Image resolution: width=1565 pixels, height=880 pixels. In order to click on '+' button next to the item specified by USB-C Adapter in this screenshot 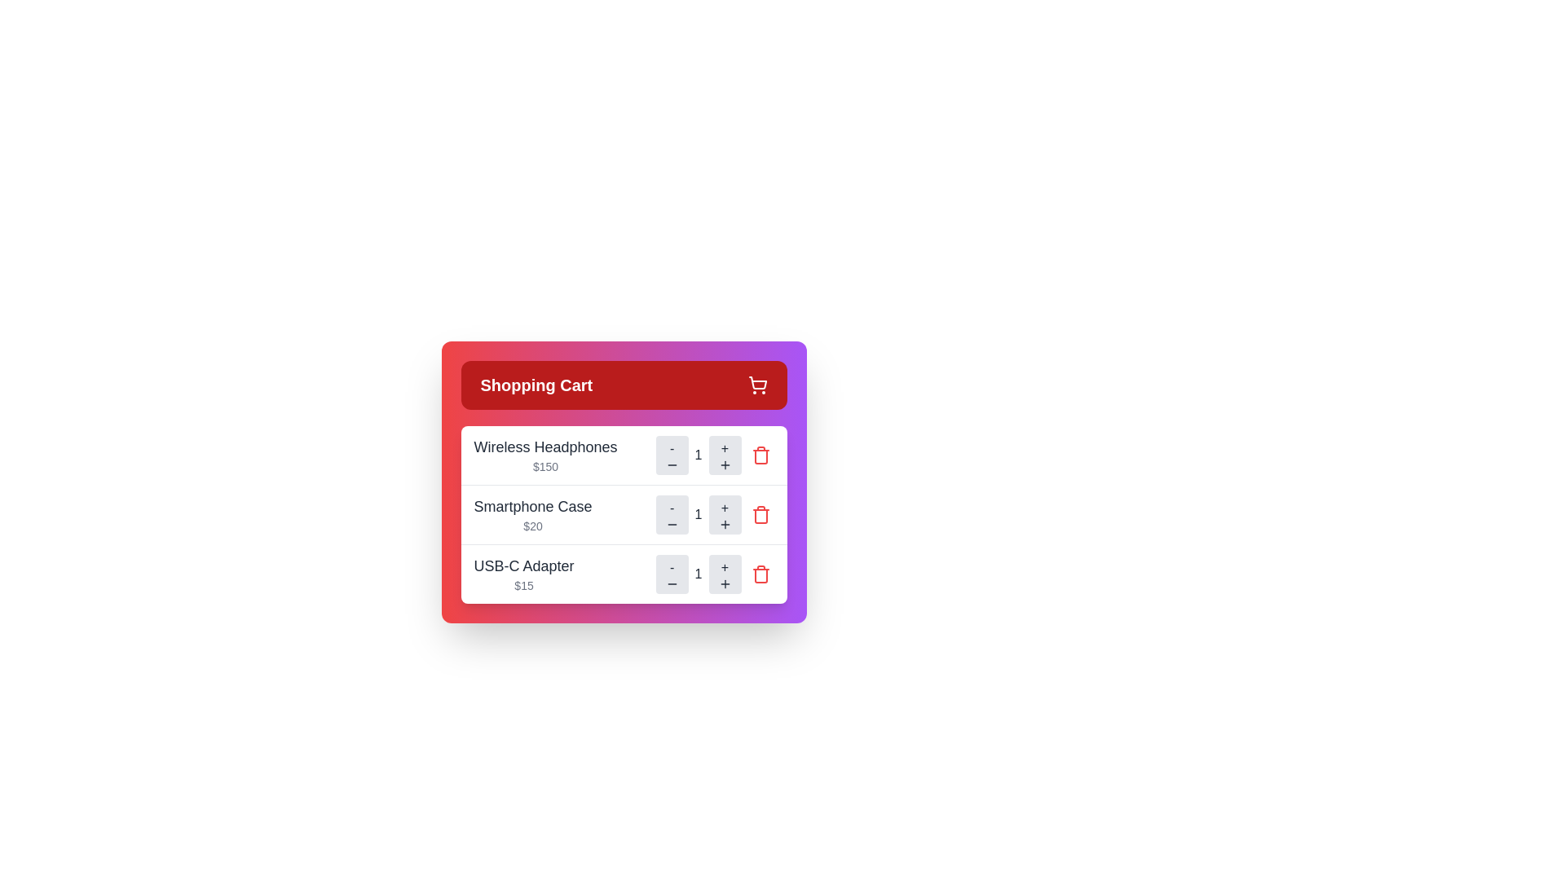, I will do `click(724, 574)`.